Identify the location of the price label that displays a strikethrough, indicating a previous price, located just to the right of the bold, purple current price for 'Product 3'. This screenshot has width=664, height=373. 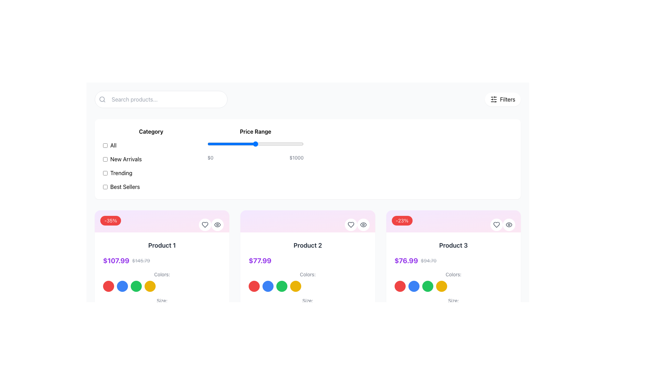
(428, 261).